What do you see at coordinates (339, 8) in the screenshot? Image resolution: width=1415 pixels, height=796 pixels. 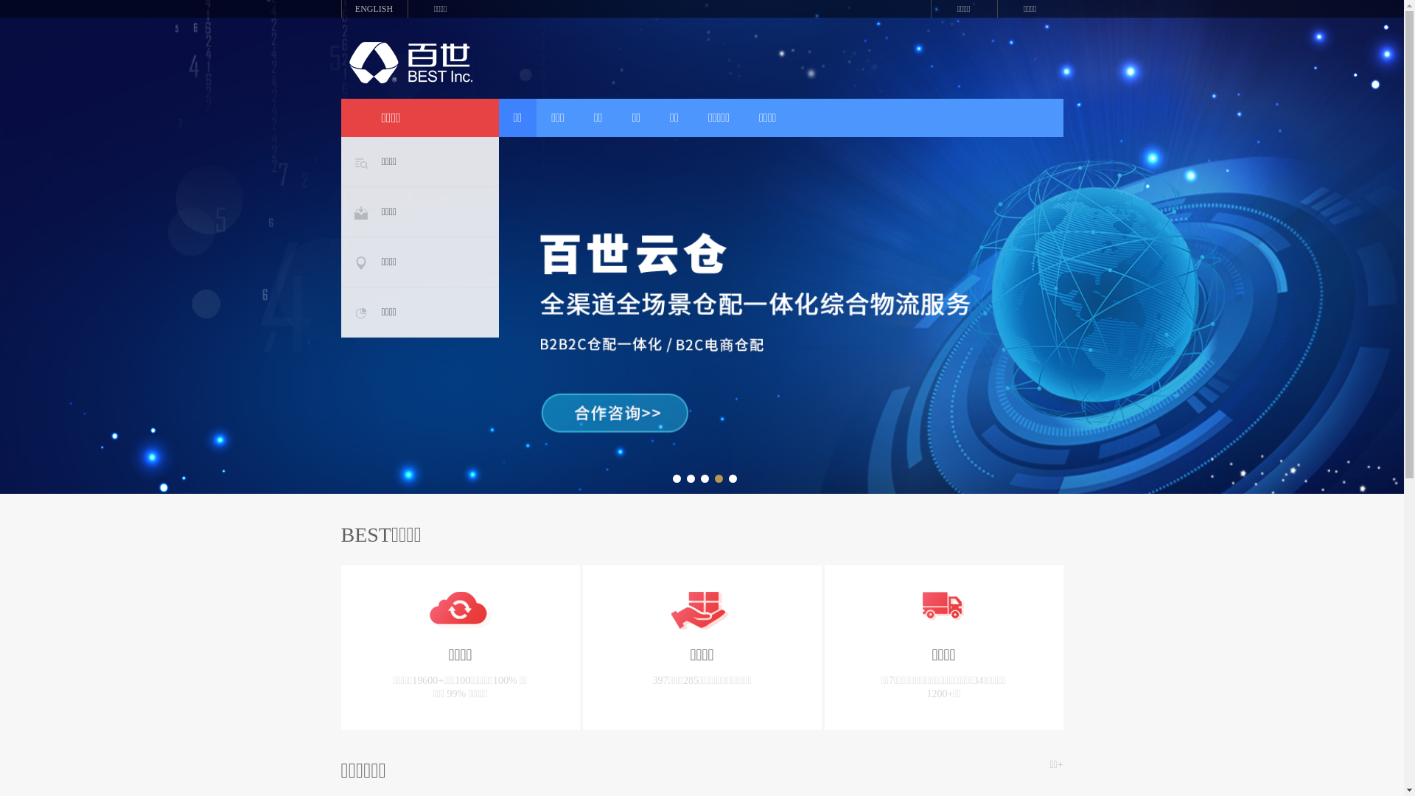 I see `'ENGLISH'` at bounding box center [339, 8].